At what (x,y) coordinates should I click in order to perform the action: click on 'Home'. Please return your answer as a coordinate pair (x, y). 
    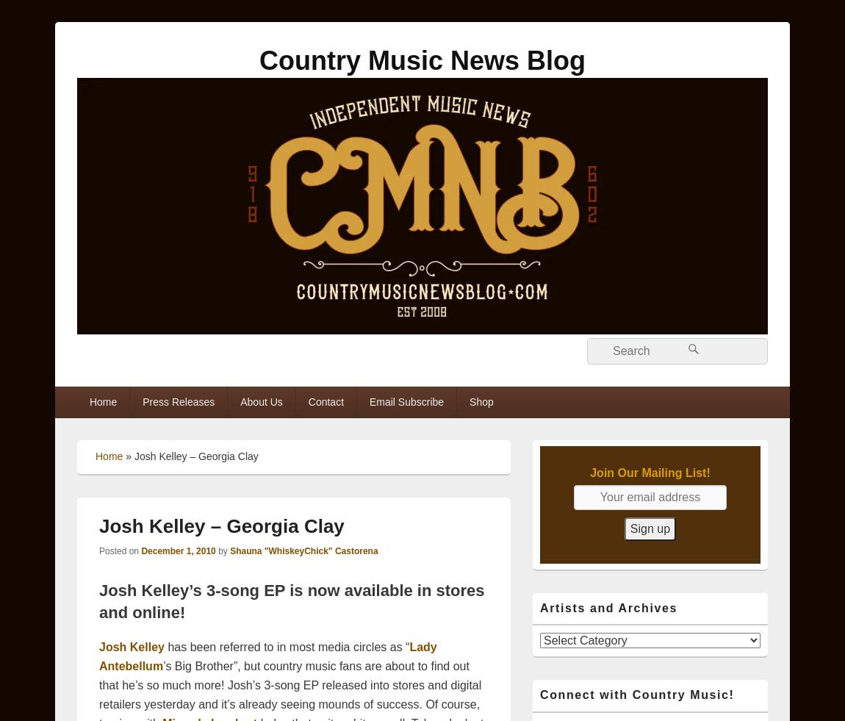
    Looking at the image, I should click on (108, 455).